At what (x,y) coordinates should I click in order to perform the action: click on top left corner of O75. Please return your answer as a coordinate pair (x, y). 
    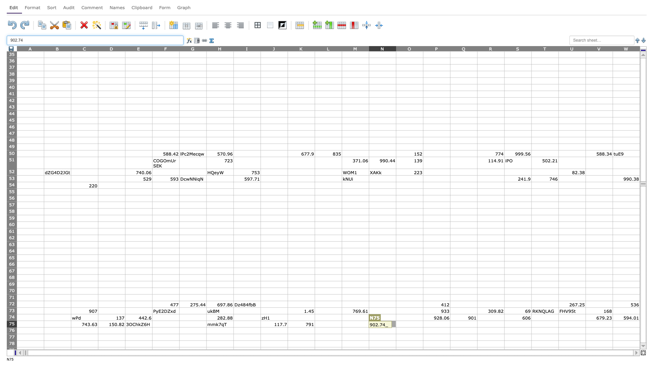
    Looking at the image, I should click on (396, 320).